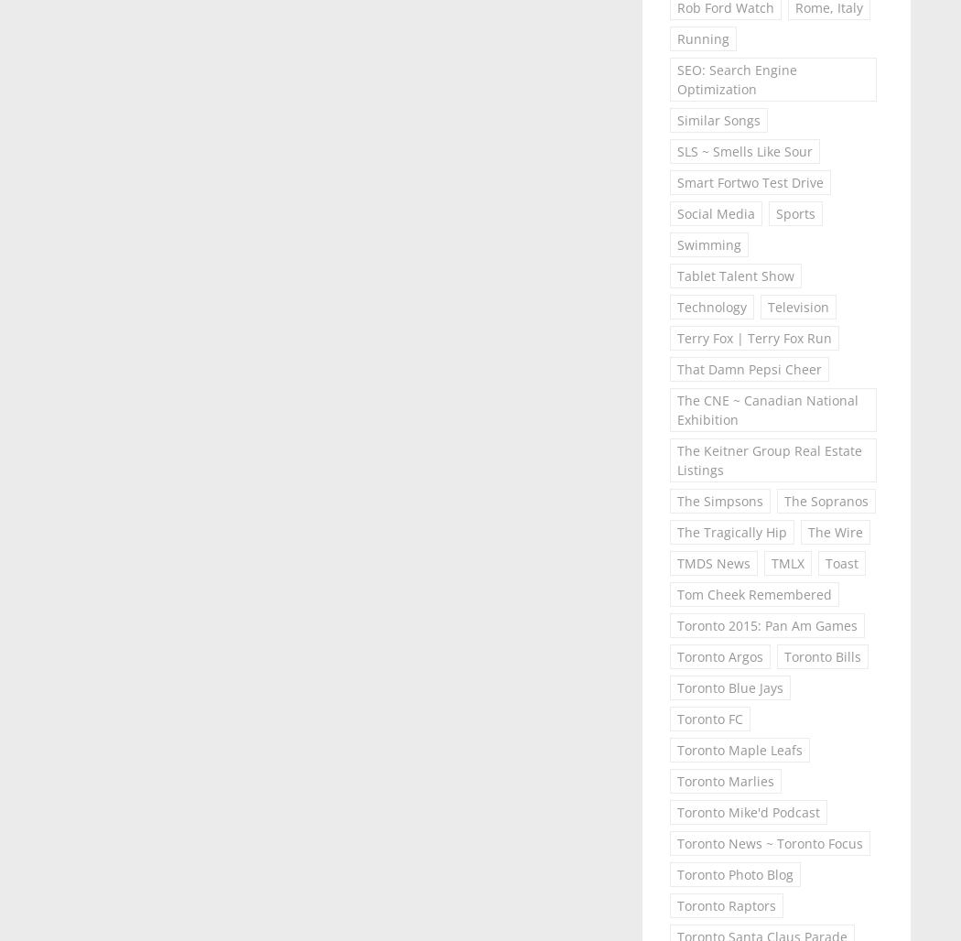  Describe the element at coordinates (825, 501) in the screenshot. I see `'The Sopranos'` at that location.